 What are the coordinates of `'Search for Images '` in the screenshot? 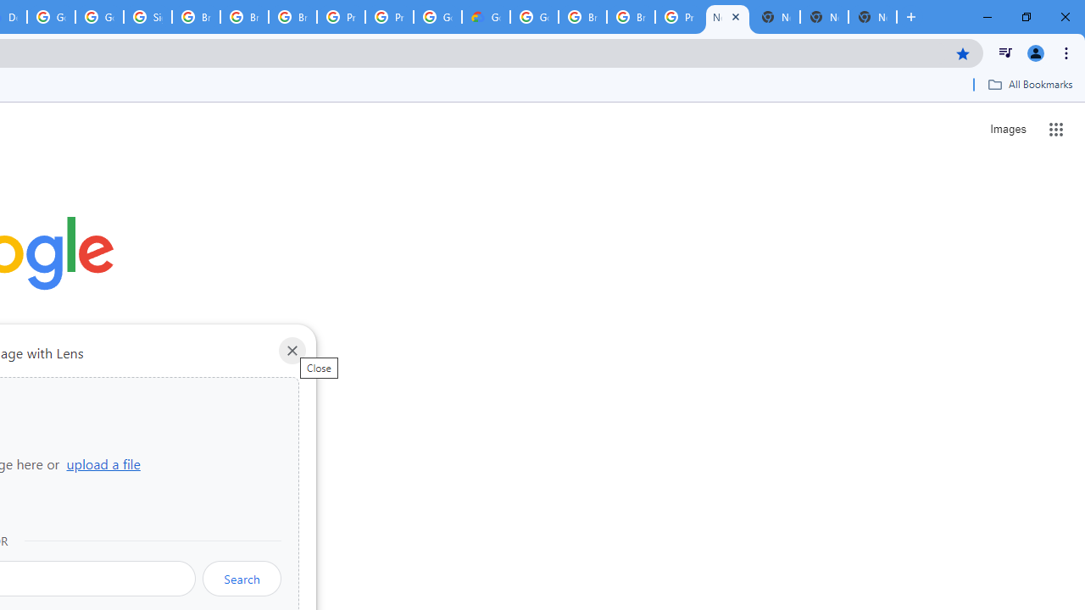 It's located at (1008, 129).